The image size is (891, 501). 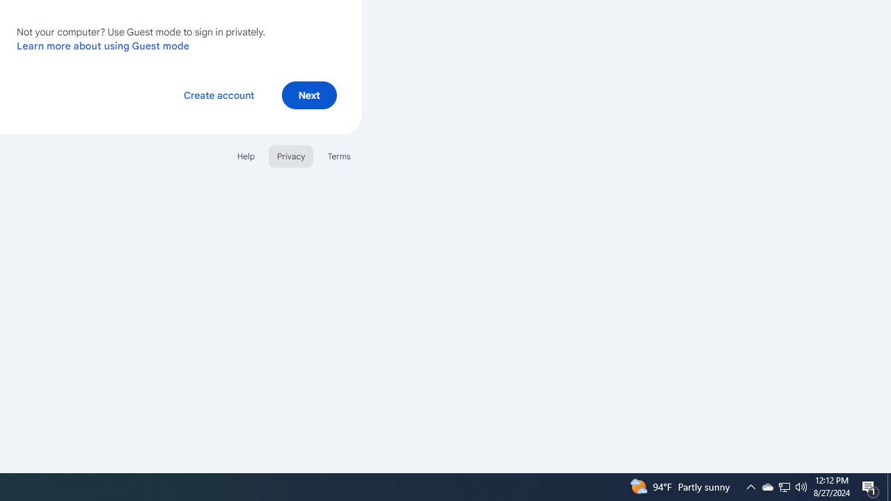 What do you see at coordinates (218, 94) in the screenshot?
I see `'Create account'` at bounding box center [218, 94].